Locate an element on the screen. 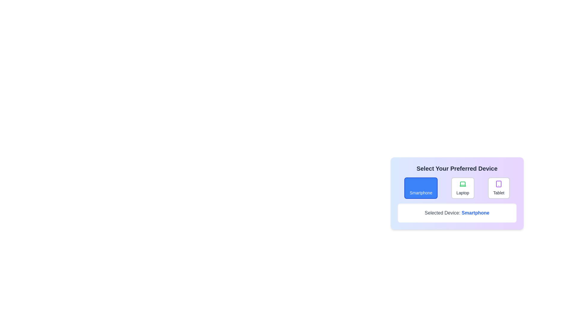 This screenshot has height=320, width=570. the 'Laptop' button, which is part of a group of three interactive radio option buttons labeled 'Smartphone', 'Laptop', and 'Tablet' is located at coordinates (457, 188).